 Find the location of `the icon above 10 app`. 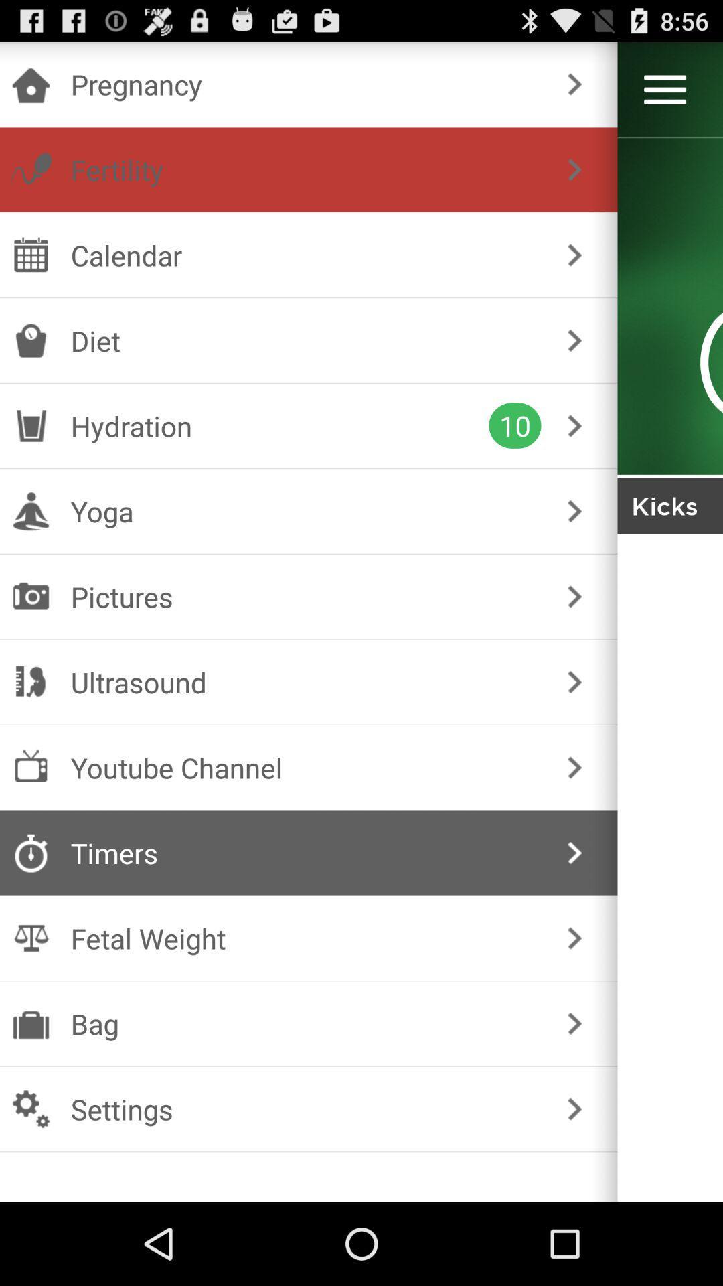

the icon above 10 app is located at coordinates (306, 340).